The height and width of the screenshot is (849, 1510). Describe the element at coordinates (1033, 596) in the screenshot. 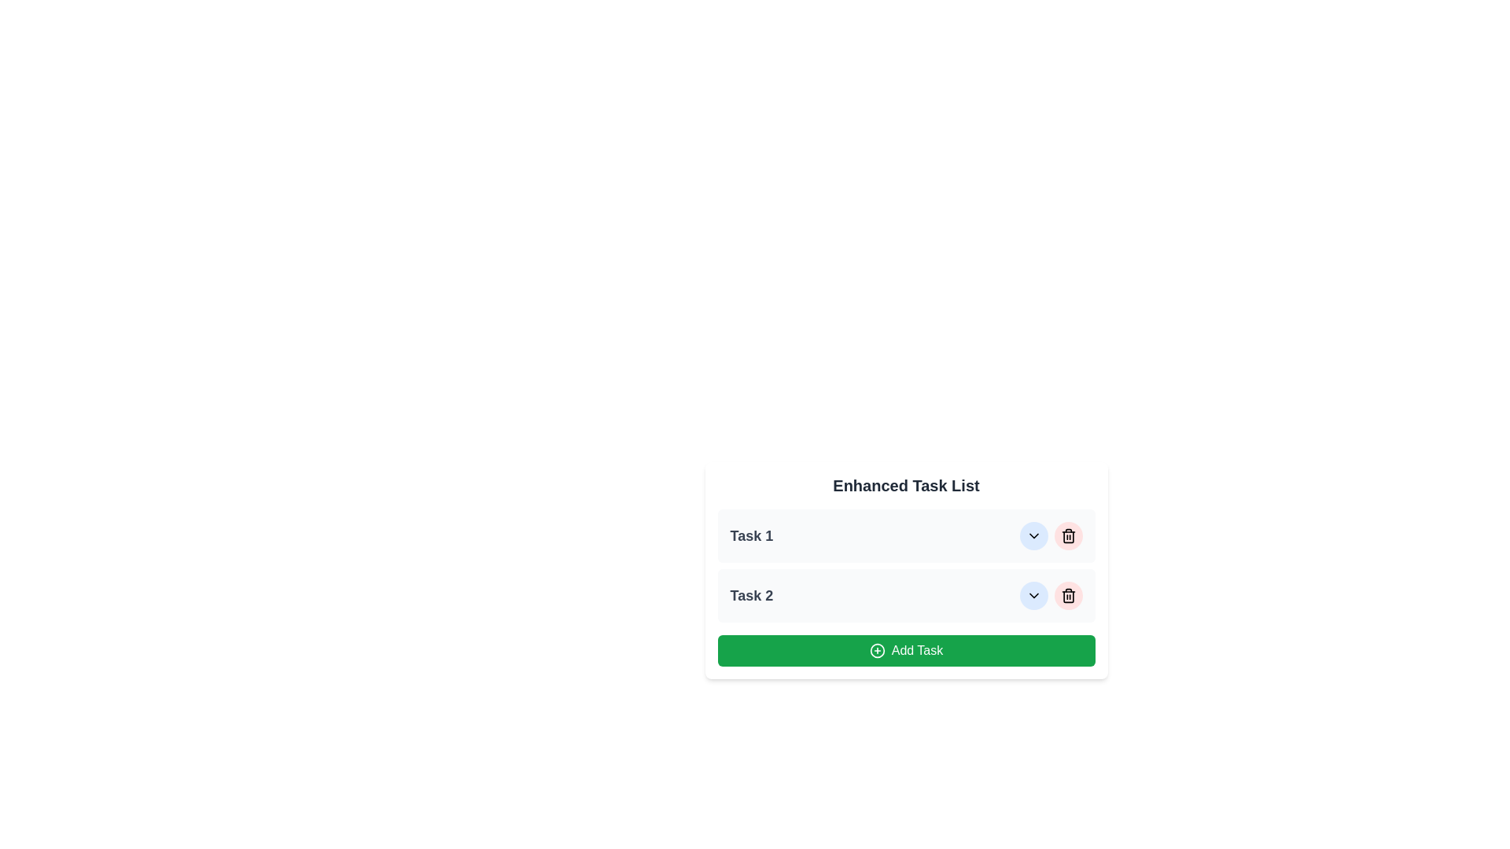

I see `the circular icon button with a light blue background and downward-pointing chevron` at that location.